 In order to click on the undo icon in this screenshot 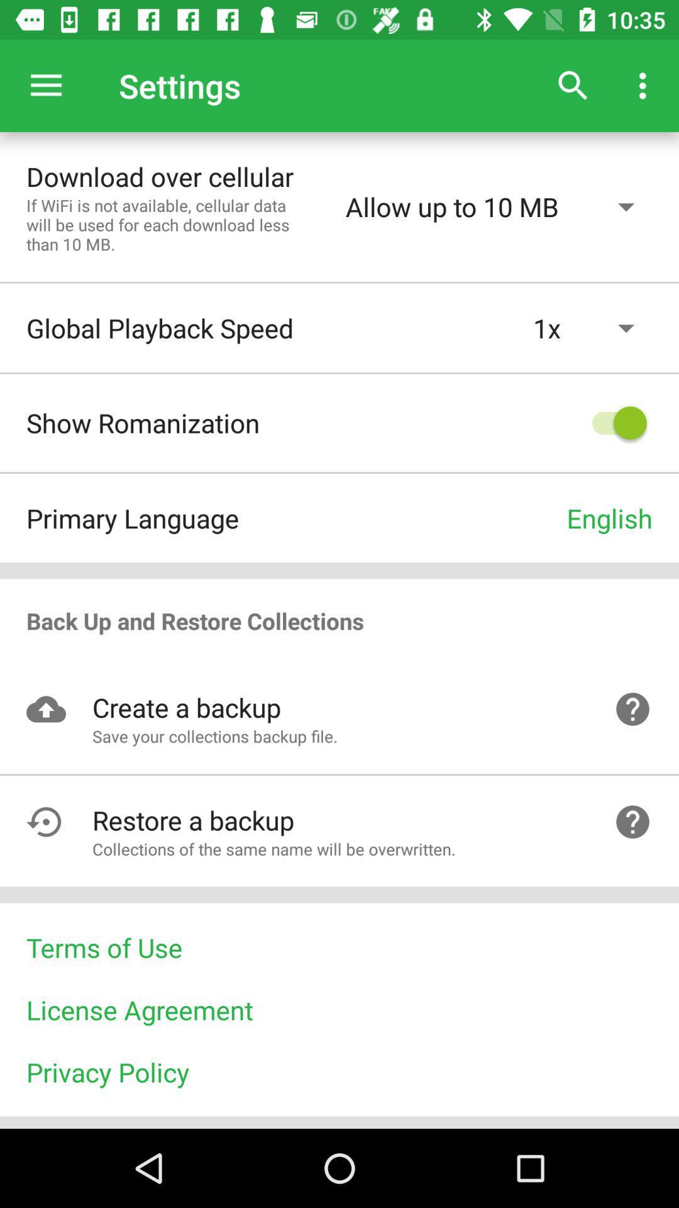, I will do `click(45, 822)`.